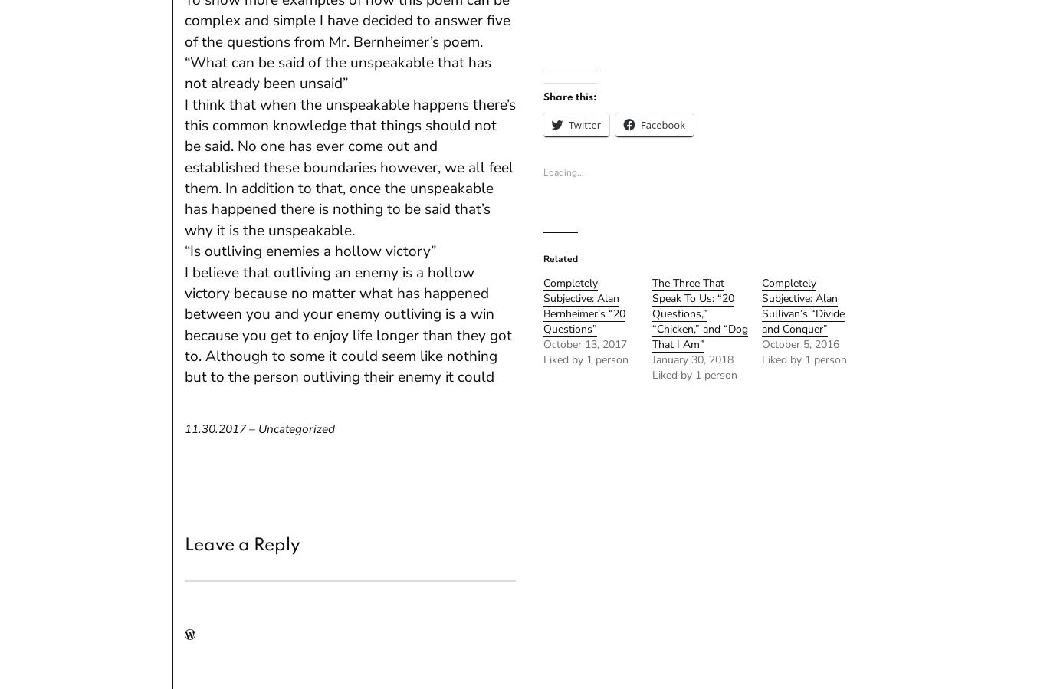  I want to click on 'Twitter', so click(584, 123).